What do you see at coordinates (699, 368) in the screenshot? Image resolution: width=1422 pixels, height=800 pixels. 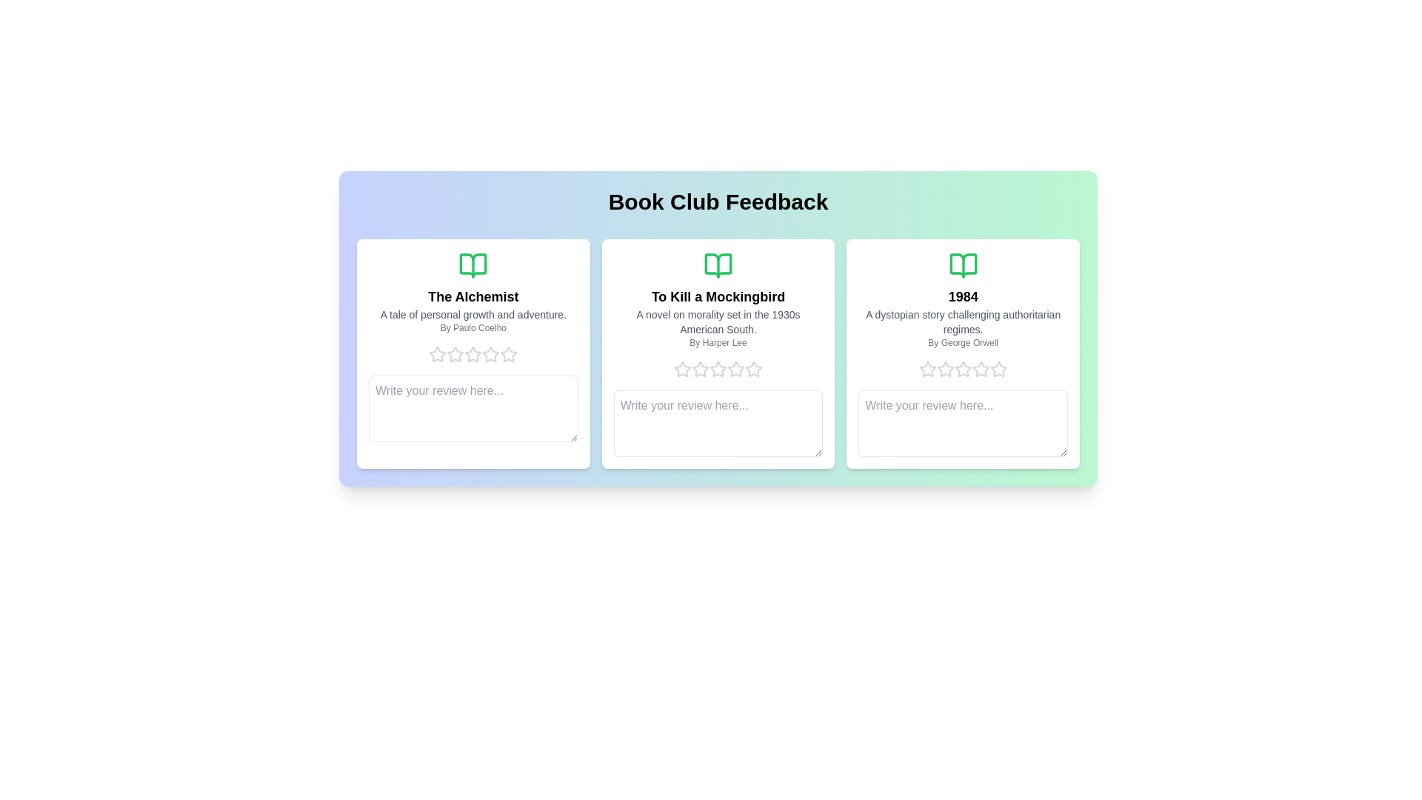 I see `the third star icon in the horizontal rating system under the 'Book Club Feedback' section for the book 'To Kill a Mockingbird'` at bounding box center [699, 368].